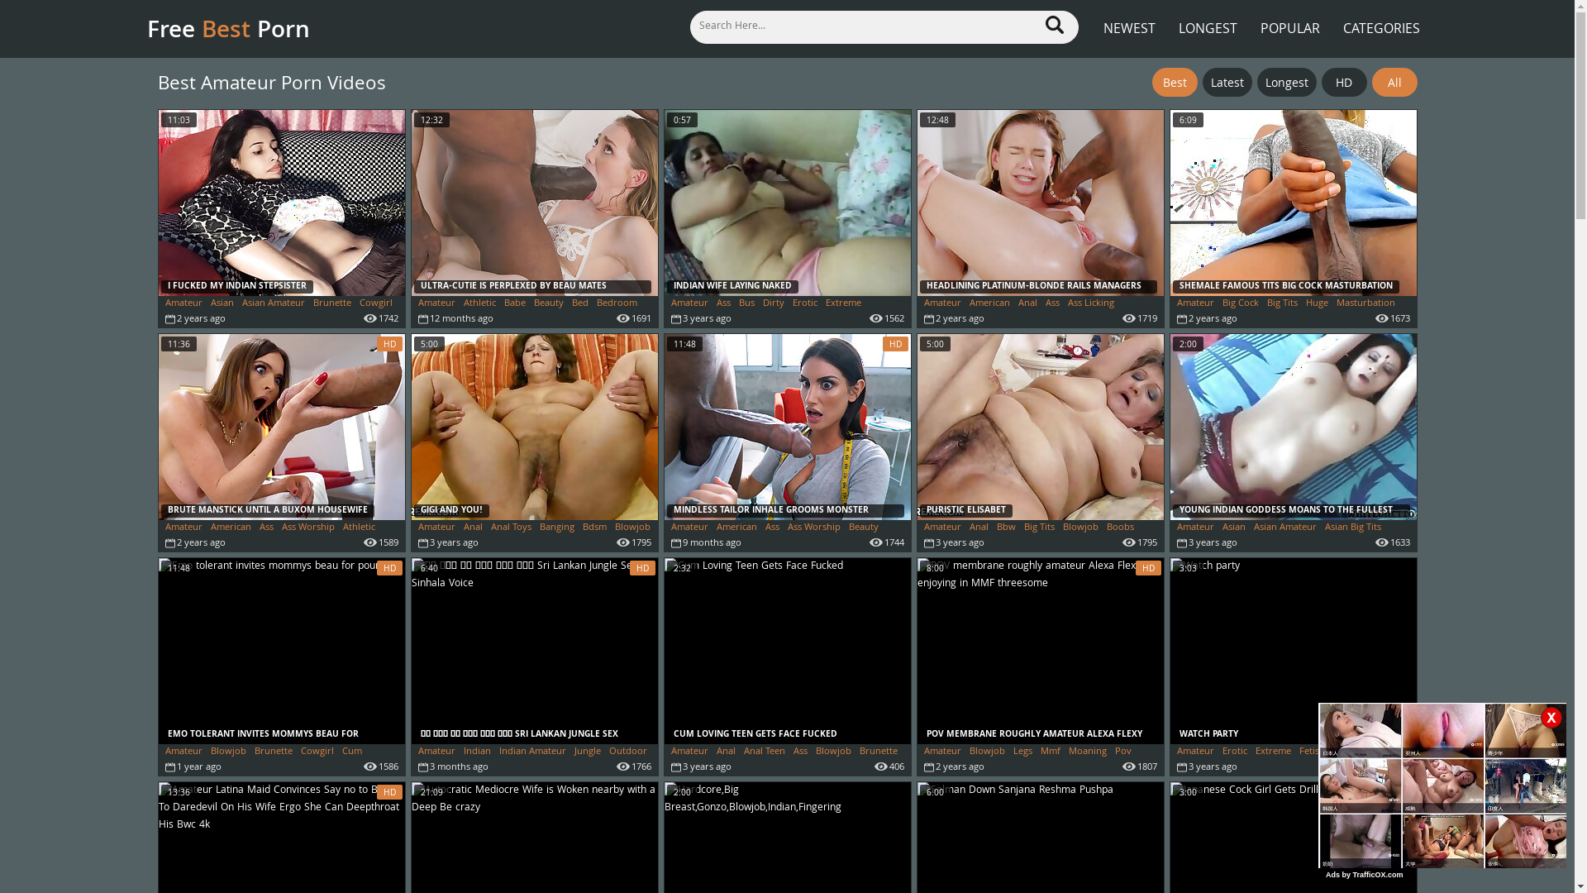 The width and height of the screenshot is (1587, 893). What do you see at coordinates (1284, 528) in the screenshot?
I see `'Asian Amateur'` at bounding box center [1284, 528].